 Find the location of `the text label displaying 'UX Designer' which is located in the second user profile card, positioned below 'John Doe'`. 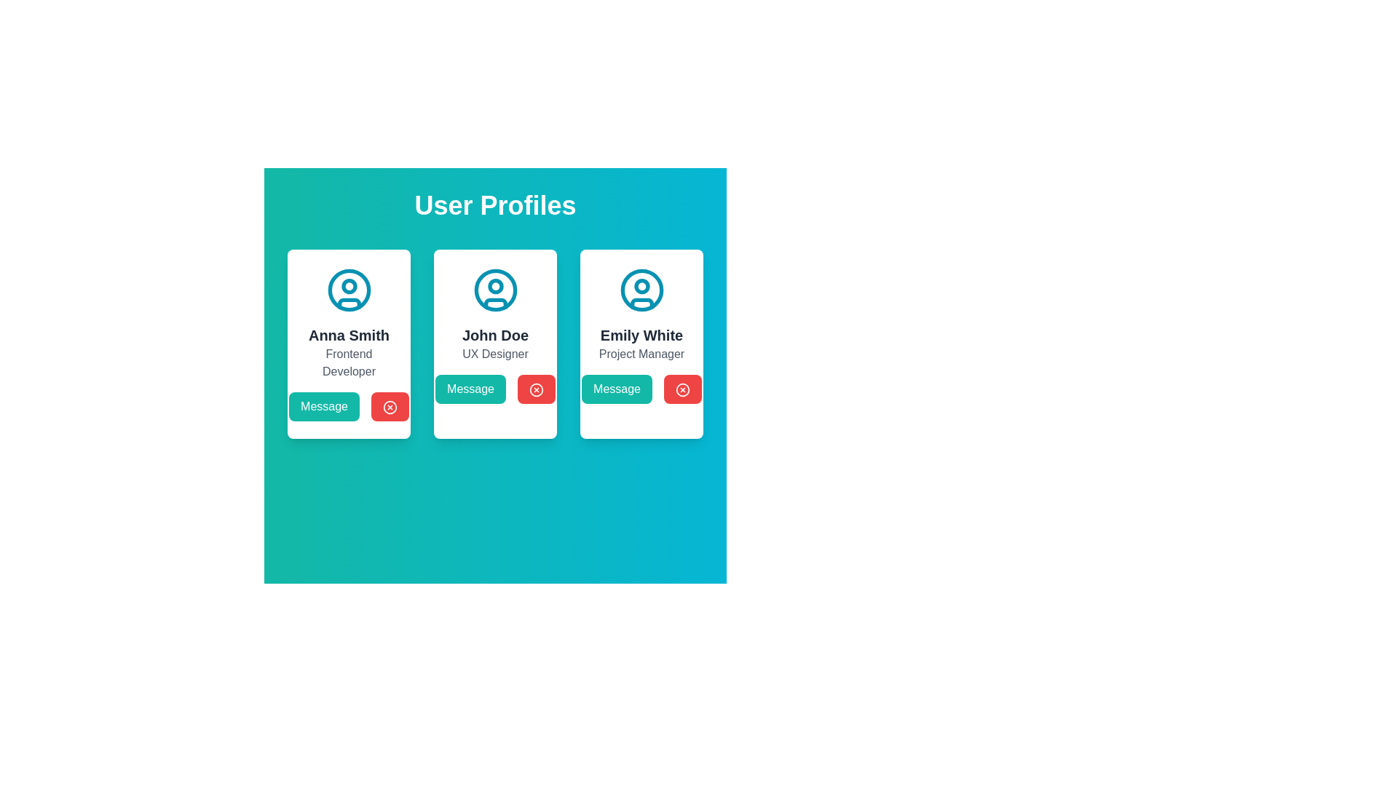

the text label displaying 'UX Designer' which is located in the second user profile card, positioned below 'John Doe' is located at coordinates (495, 354).